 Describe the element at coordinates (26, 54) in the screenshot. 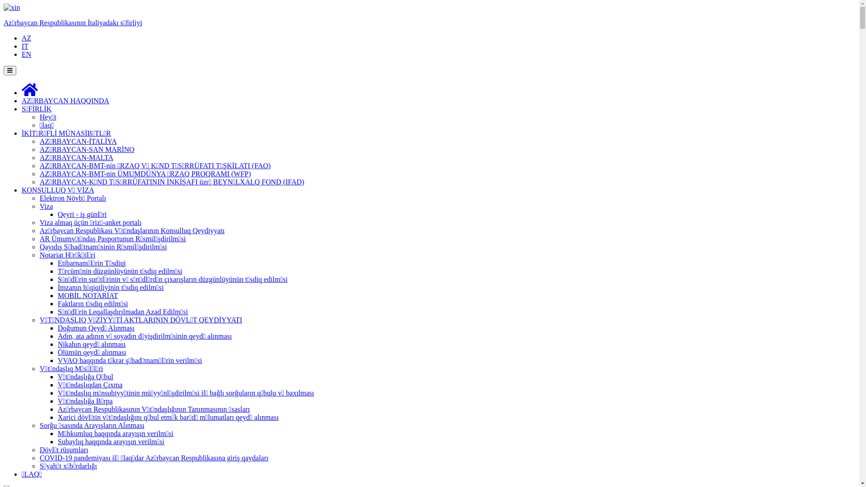

I see `'EN'` at that location.